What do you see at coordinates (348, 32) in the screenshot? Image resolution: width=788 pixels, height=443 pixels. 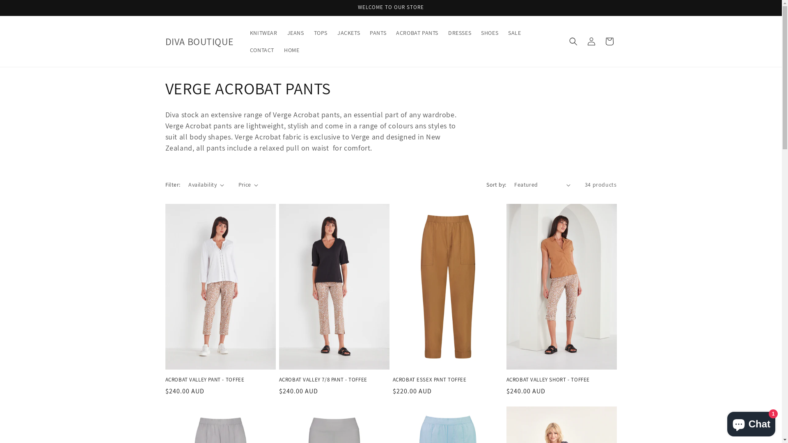 I see `'JACKETS'` at bounding box center [348, 32].